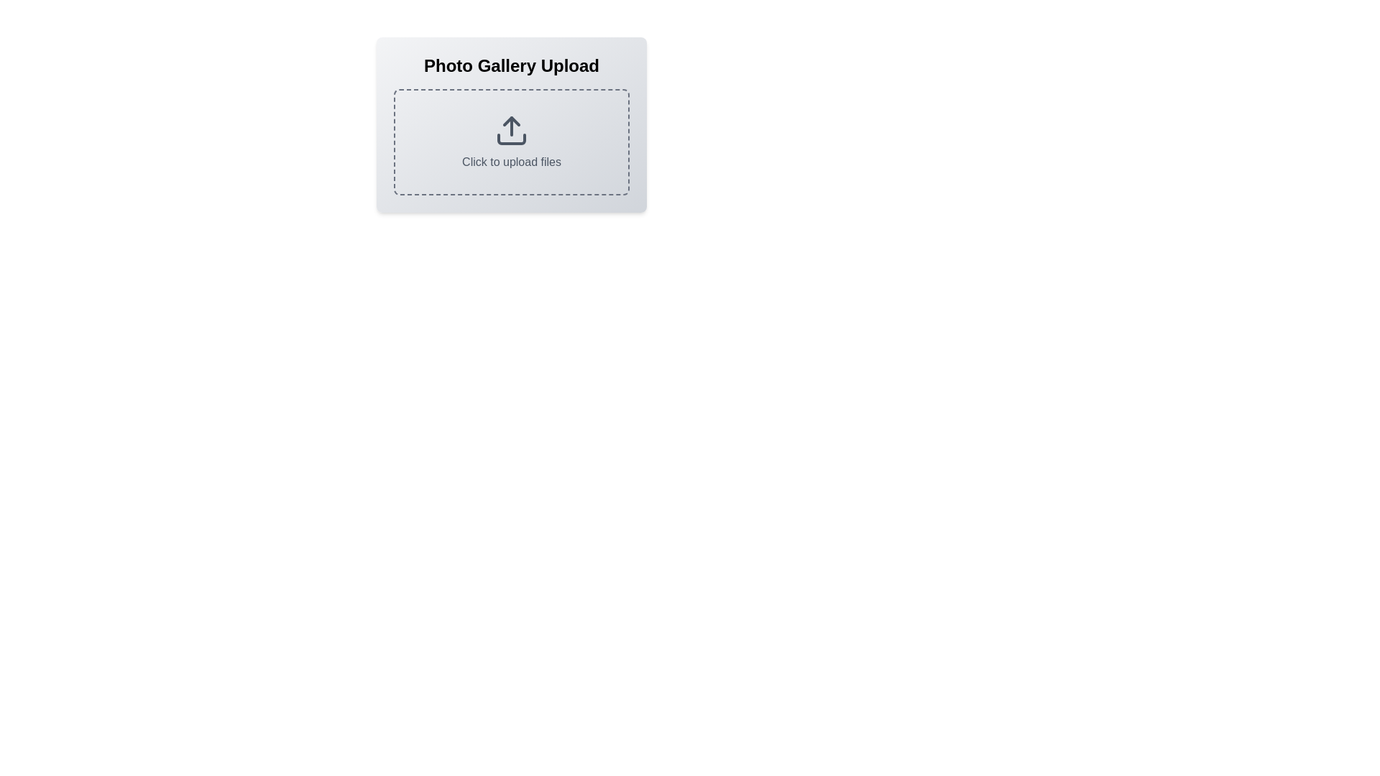  What do you see at coordinates (511, 66) in the screenshot?
I see `the text label that says 'Photo Gallery Upload', which is styled in a large, bold font and is centered horizontally above the dashed-bordered upload area` at bounding box center [511, 66].